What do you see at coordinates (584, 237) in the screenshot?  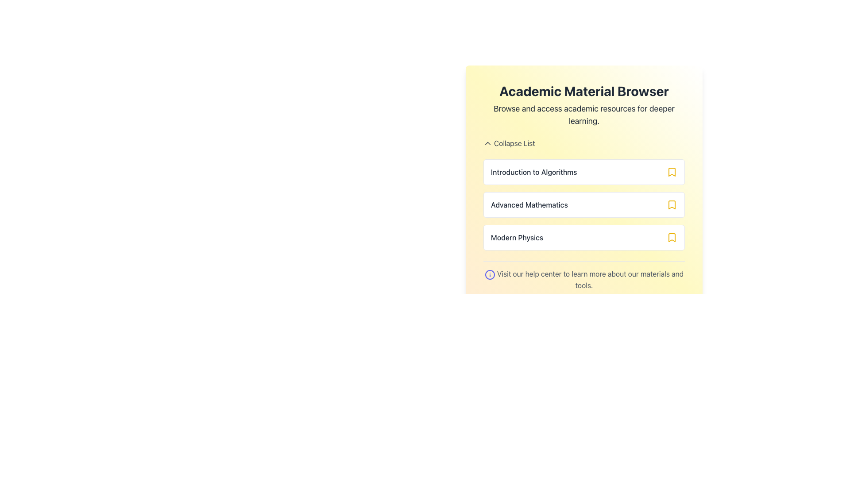 I see `the selectable list item labeled 'Modern Physics' in the Academic Material Browser to bookmark or unbookmark it` at bounding box center [584, 237].